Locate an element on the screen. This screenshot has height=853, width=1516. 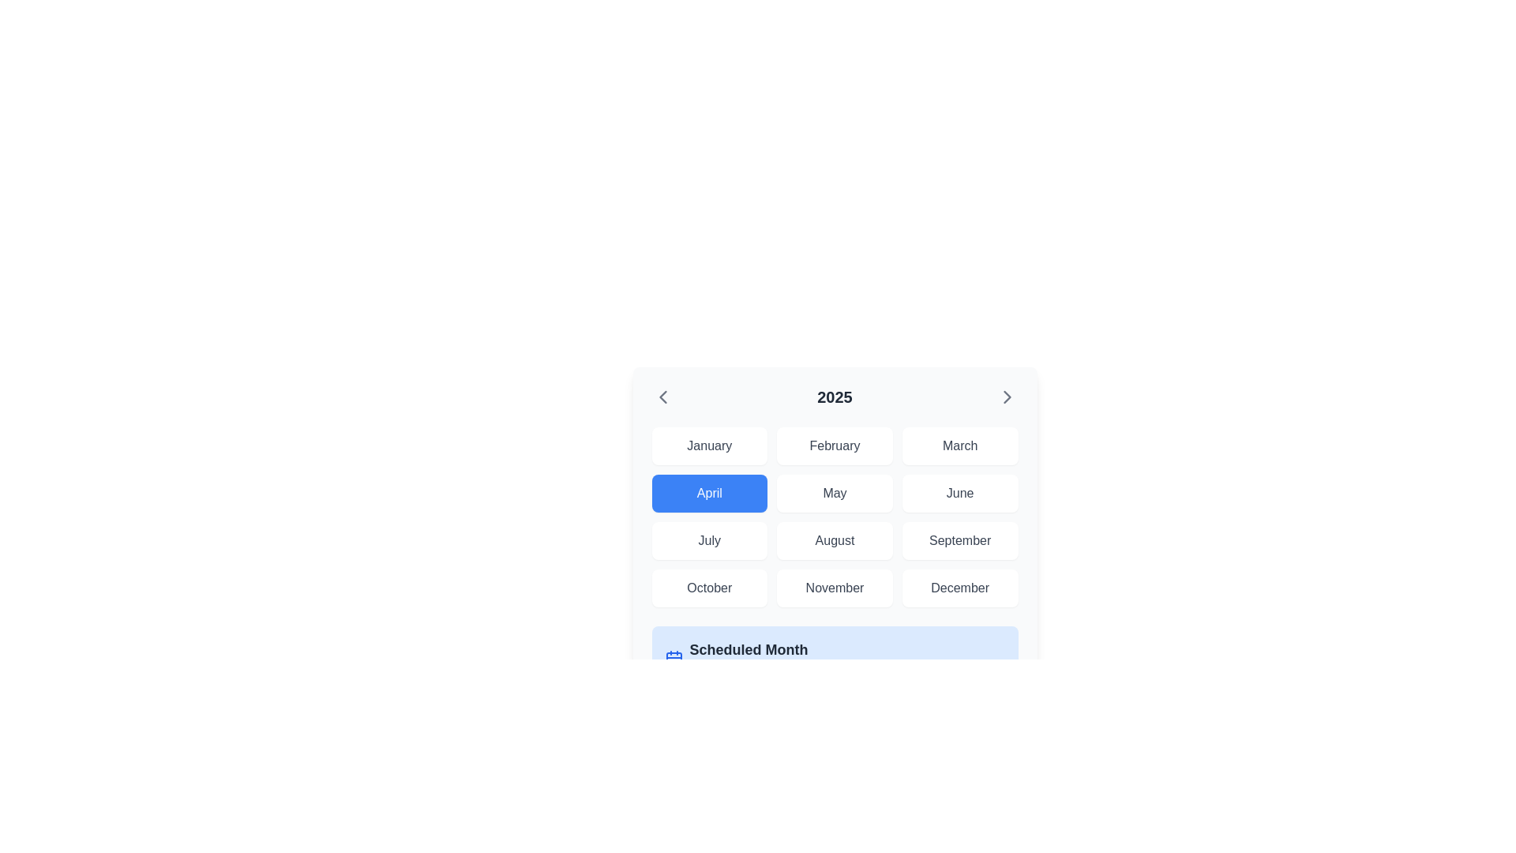
the highlighted month within the Date Picker element that has a light gray background and white border is located at coordinates (834, 538).